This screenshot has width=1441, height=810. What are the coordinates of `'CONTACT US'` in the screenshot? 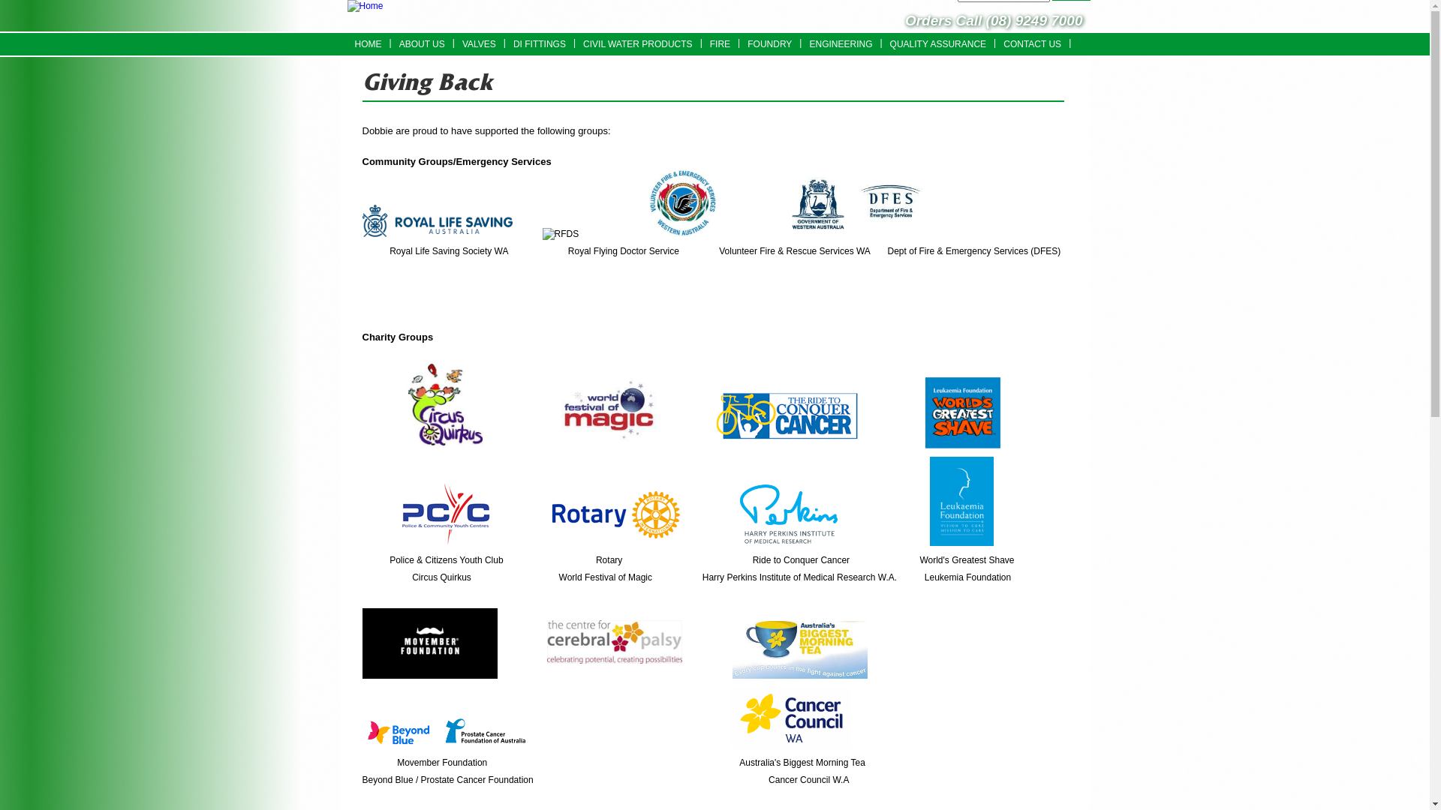 It's located at (1031, 43).